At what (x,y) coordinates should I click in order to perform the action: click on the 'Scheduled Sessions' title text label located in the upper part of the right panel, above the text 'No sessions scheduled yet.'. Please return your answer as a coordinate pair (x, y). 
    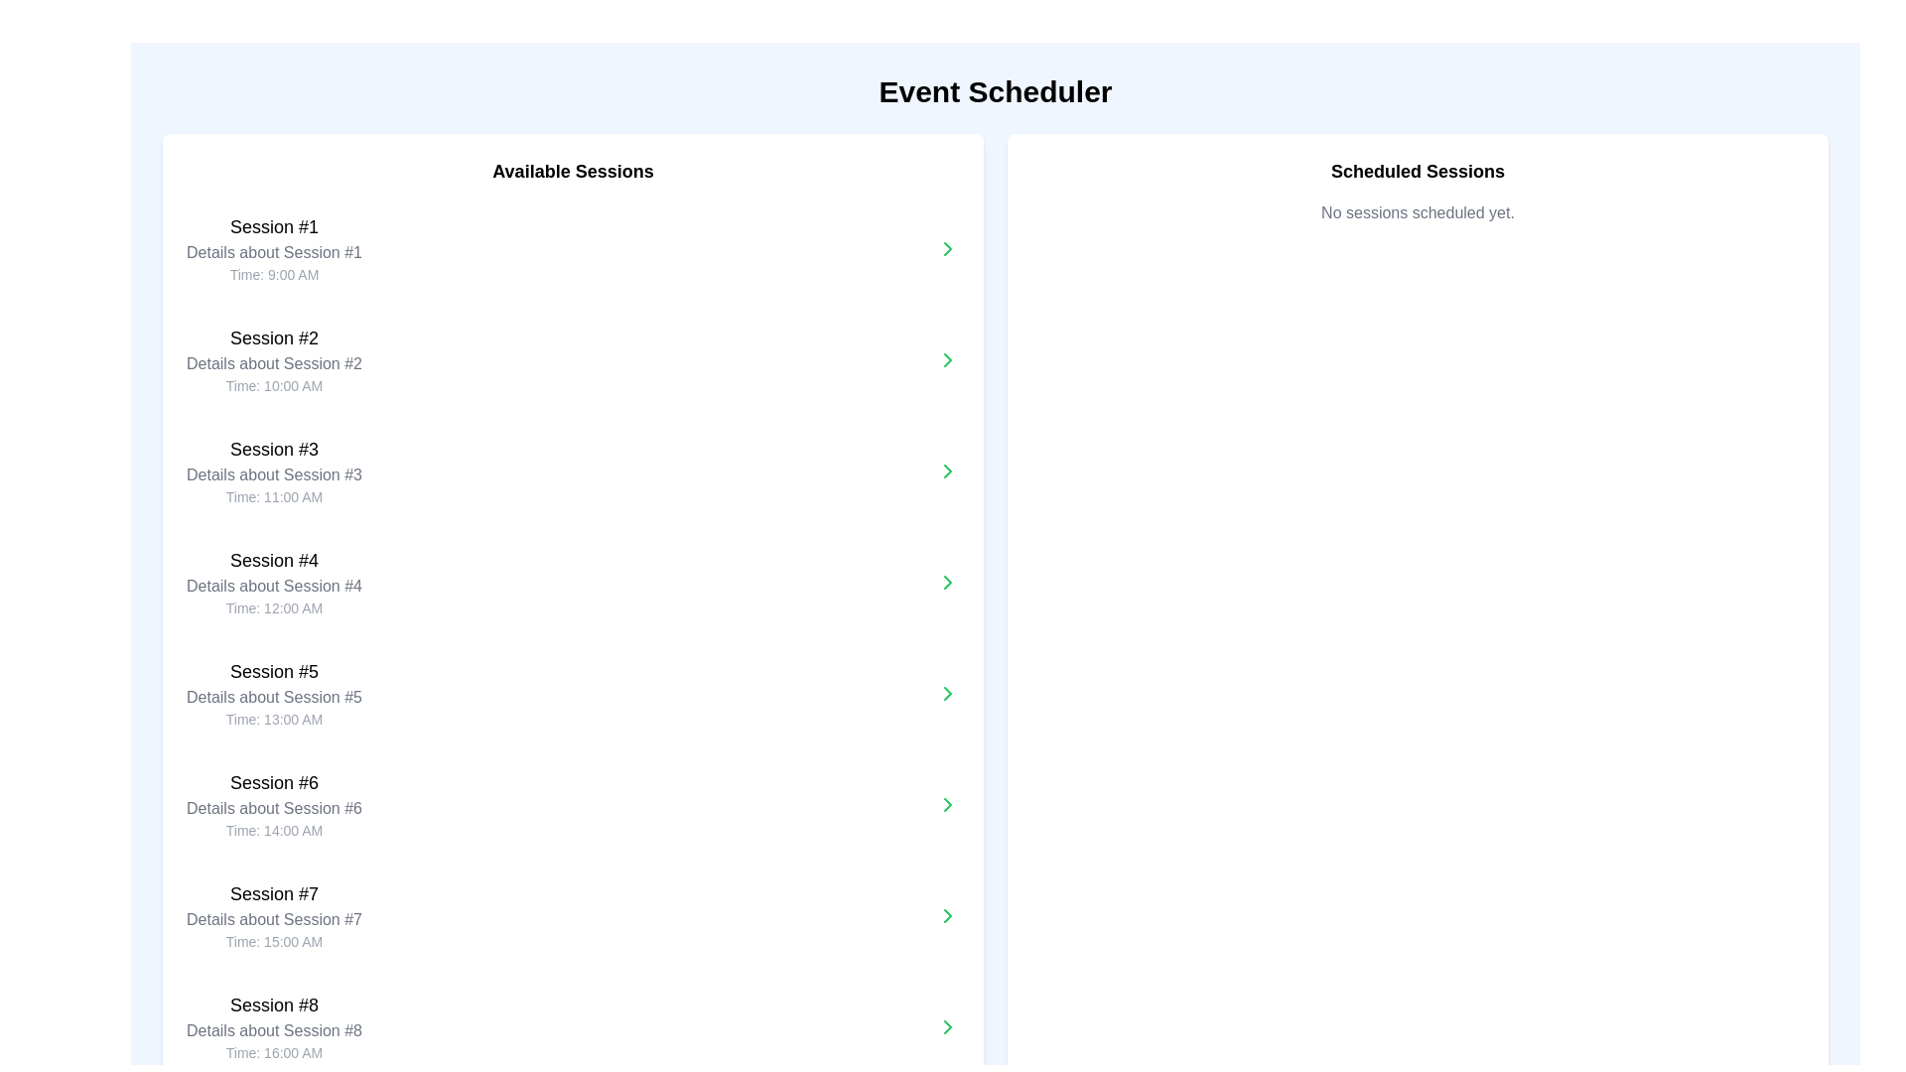
    Looking at the image, I should click on (1417, 171).